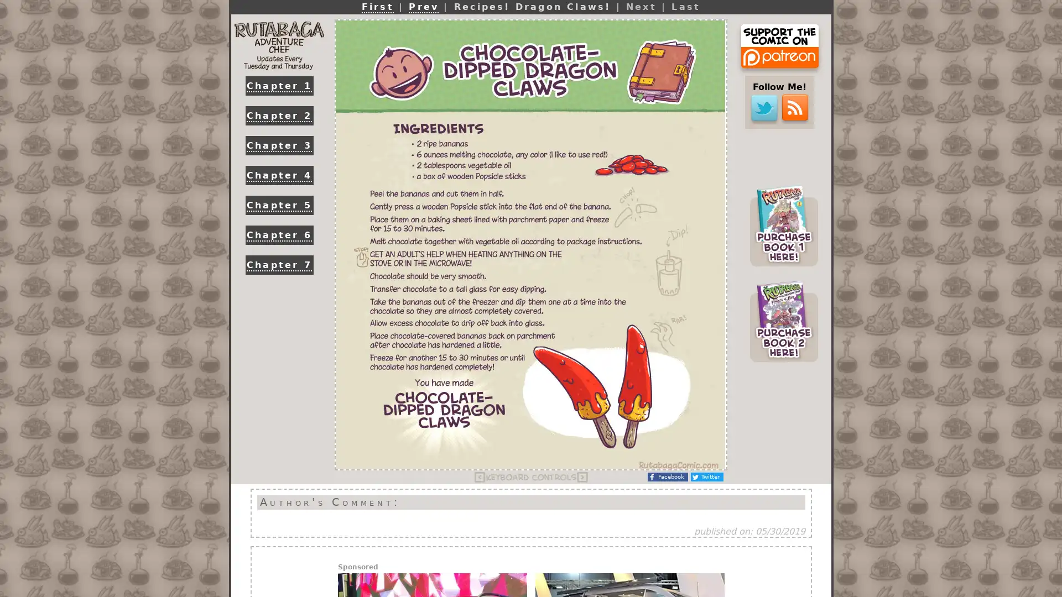 The height and width of the screenshot is (597, 1062). Describe the element at coordinates (706, 476) in the screenshot. I see `Share to TwitterTwitter` at that location.